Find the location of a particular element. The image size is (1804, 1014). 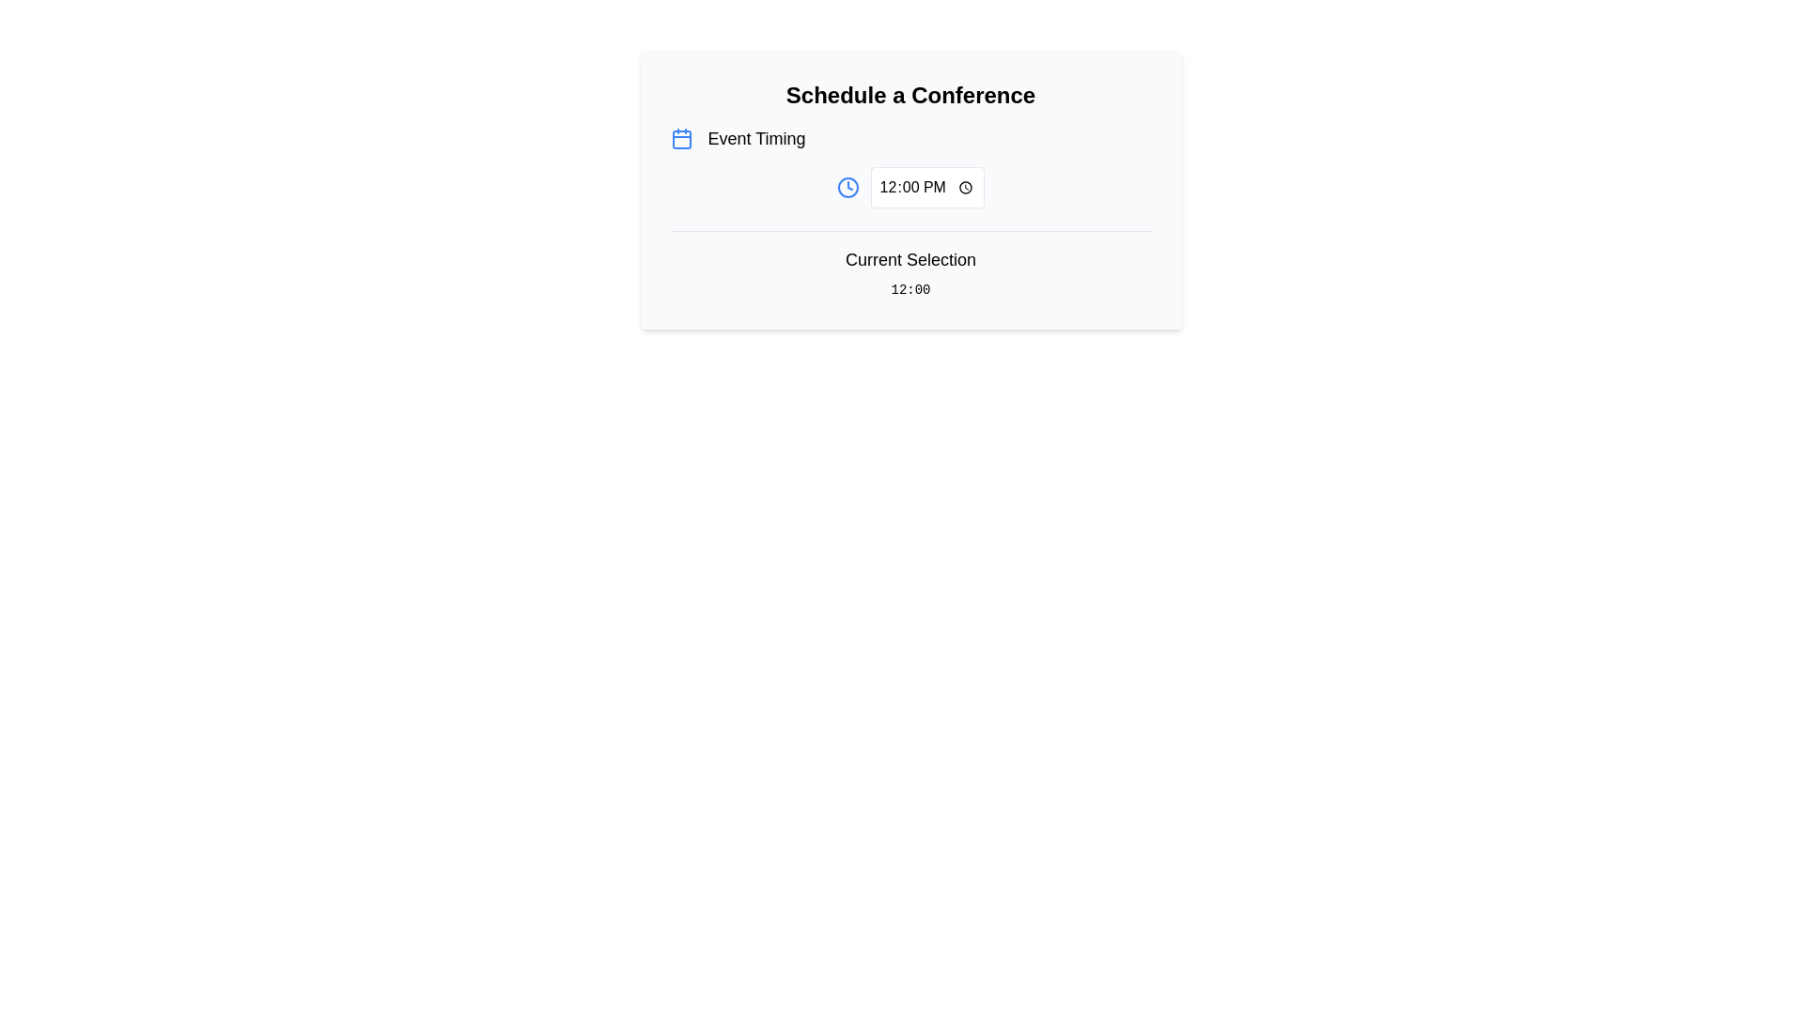

the clock face outline graphical component which is part of the clock icon located to the left of the time input field displaying '12:00 PM' is located at coordinates (847, 188).